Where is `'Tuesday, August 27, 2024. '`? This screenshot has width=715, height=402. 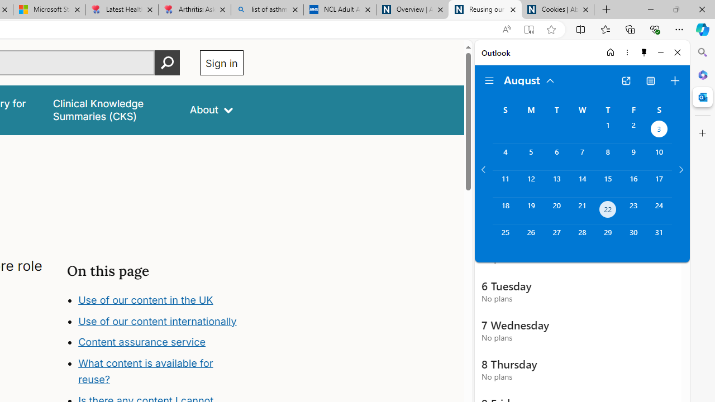
'Tuesday, August 27, 2024. ' is located at coordinates (556, 237).